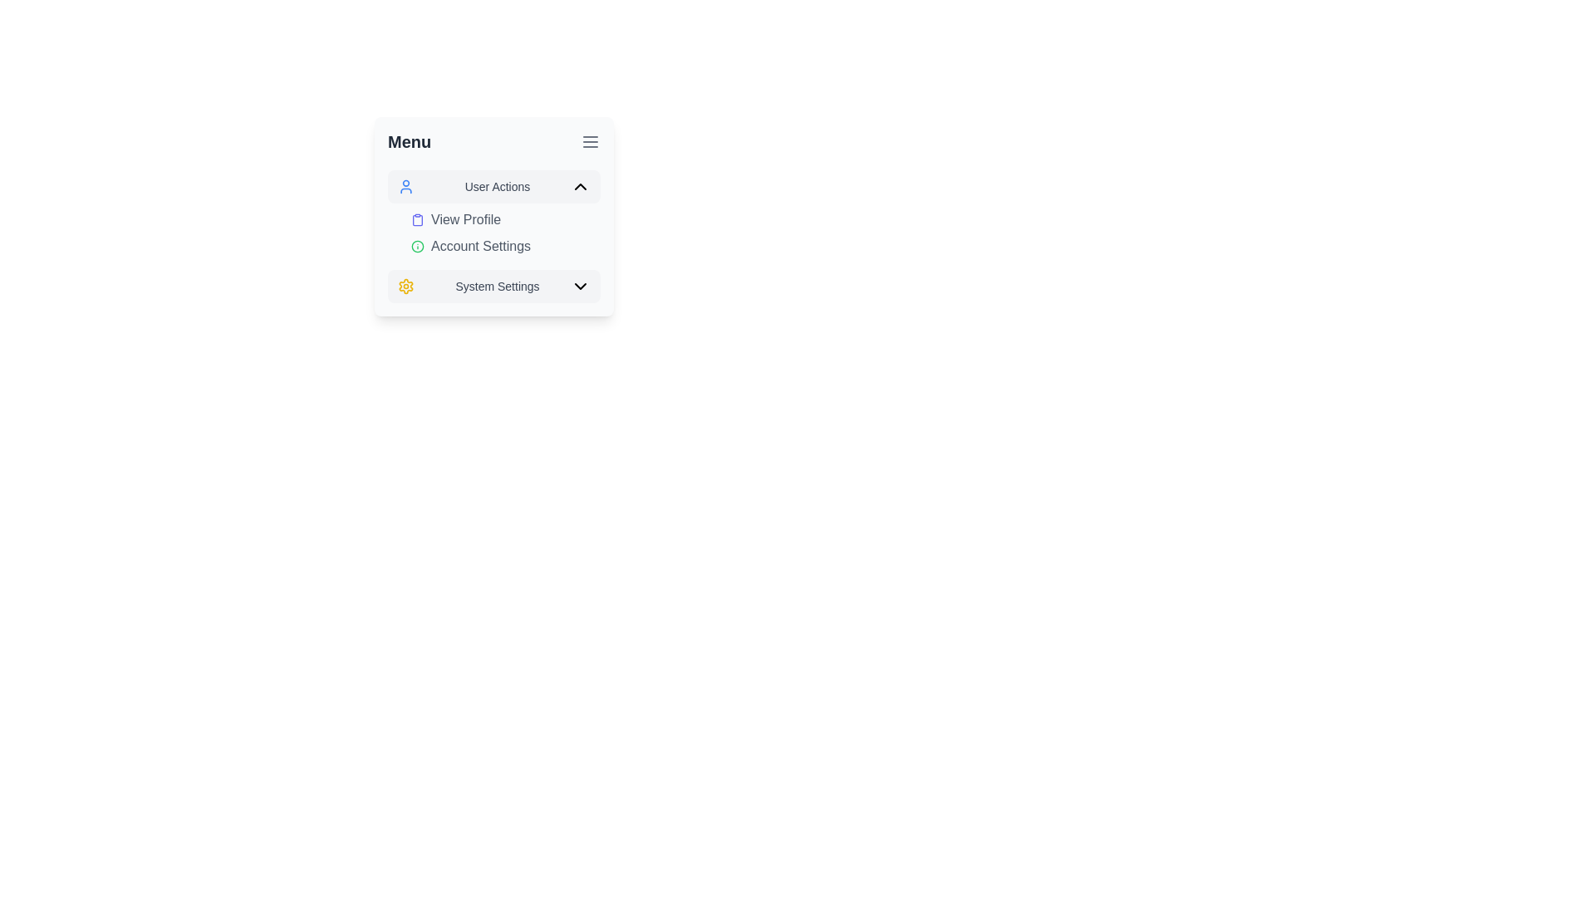 This screenshot has width=1595, height=897. Describe the element at coordinates (581, 285) in the screenshot. I see `the downward-pointing chevron icon located at the far-right side of the 'System Settings' row in the navigation menu` at that location.